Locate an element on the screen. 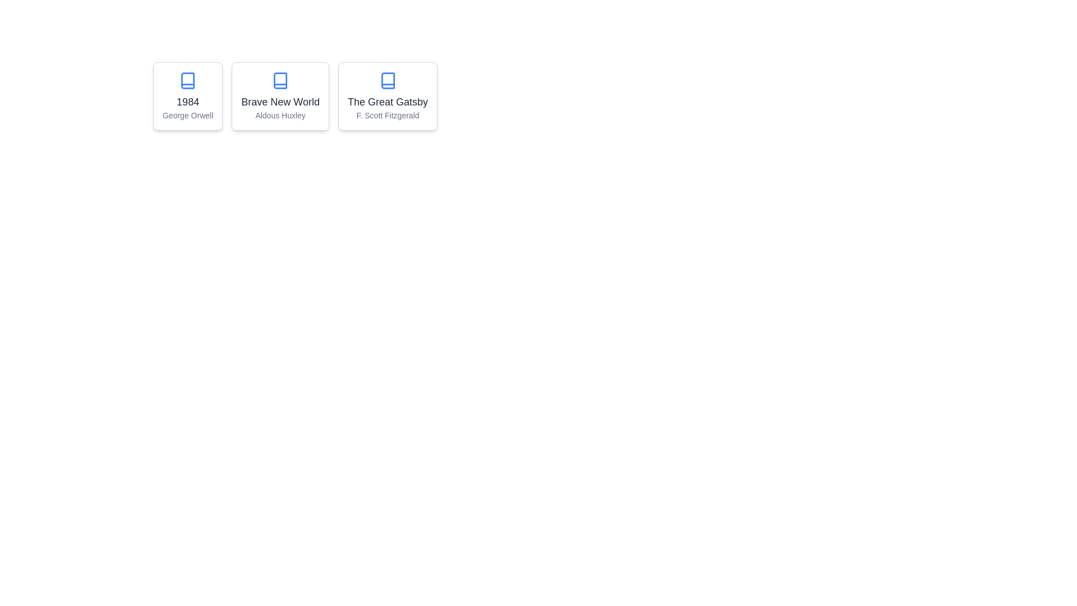  the book icon representing '1984' by George Orwell, which is styled with blue outline strokes and located above the text is located at coordinates (188, 80).